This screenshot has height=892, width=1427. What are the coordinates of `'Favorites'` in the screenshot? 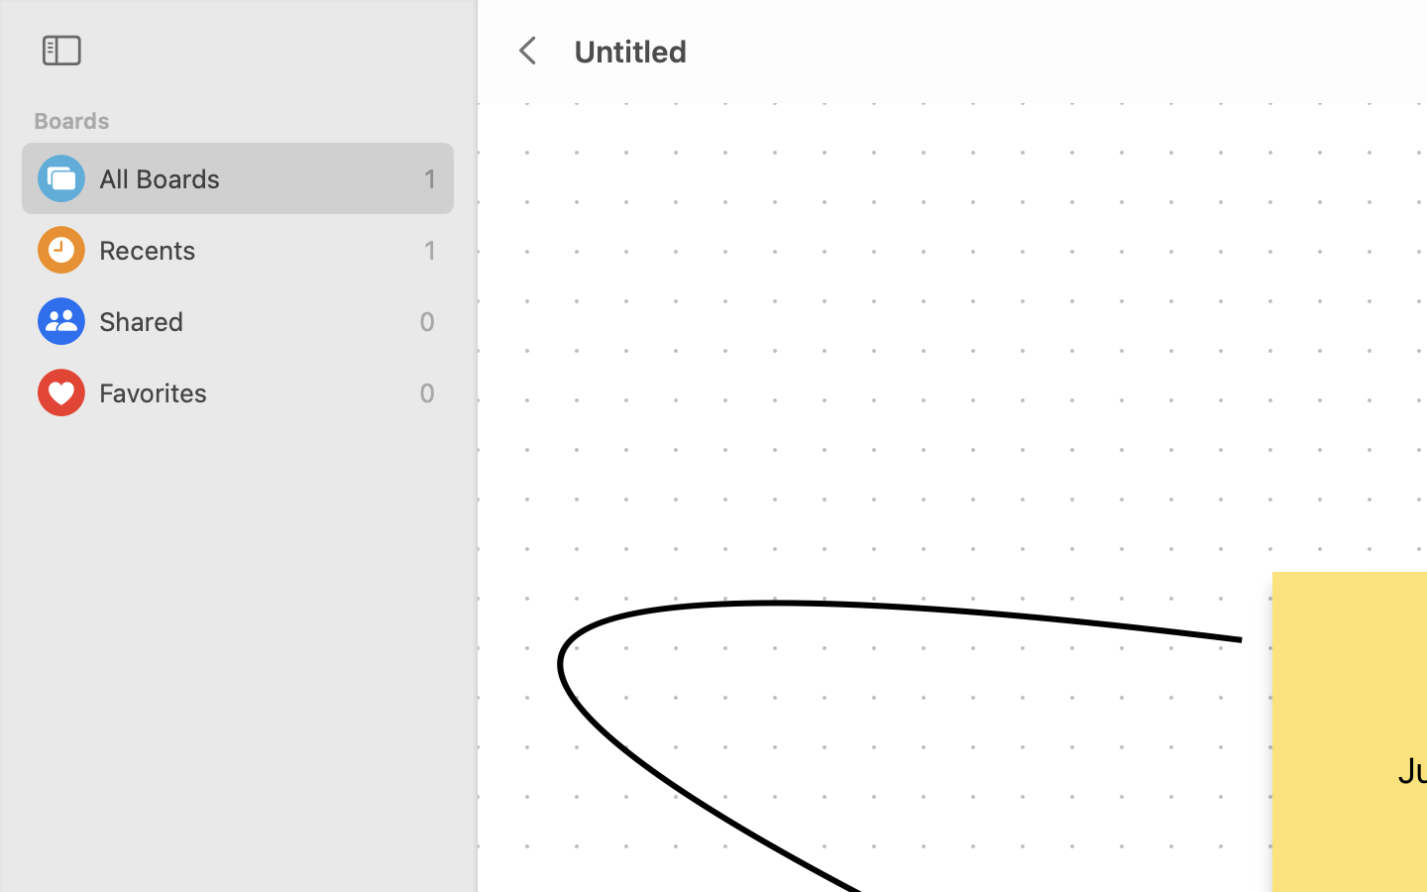 It's located at (253, 392).